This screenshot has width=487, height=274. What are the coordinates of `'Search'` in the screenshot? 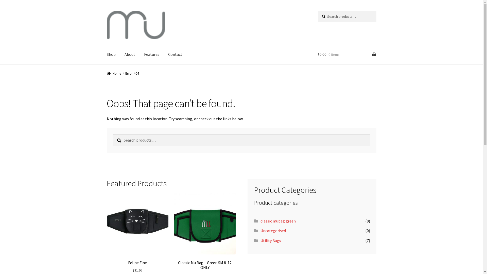 It's located at (317, 10).